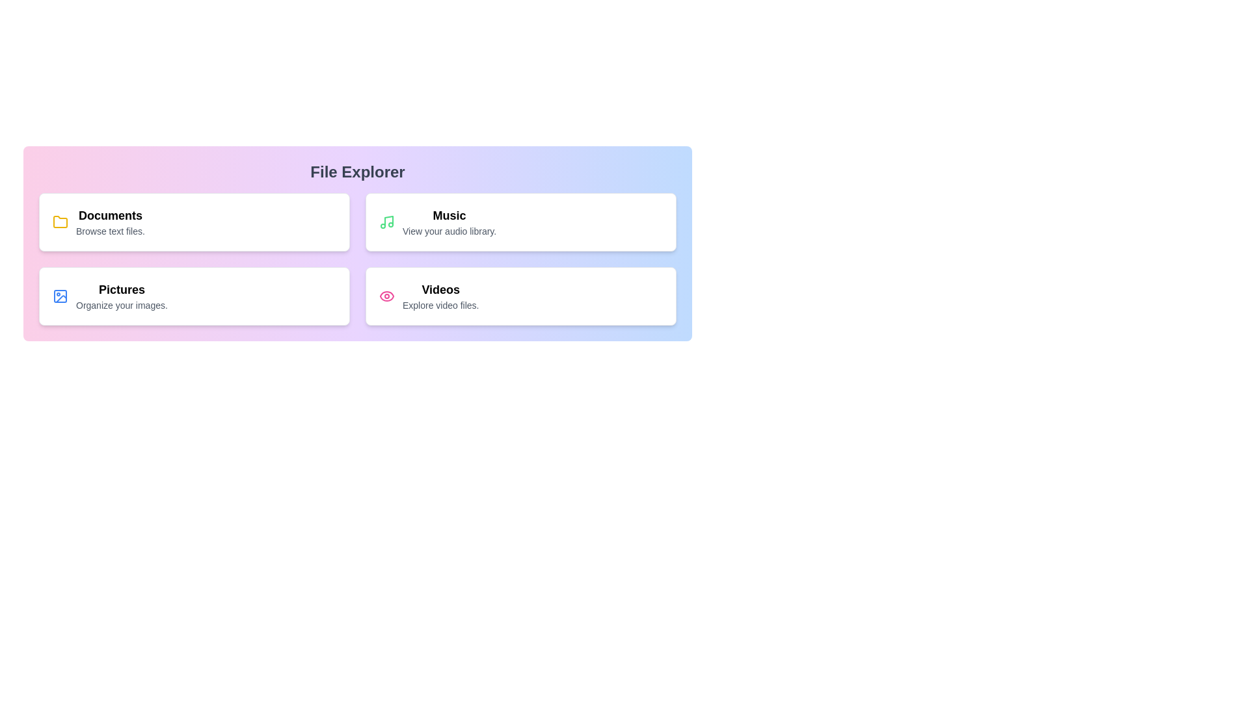 The image size is (1249, 702). What do you see at coordinates (59, 296) in the screenshot?
I see `the icon representing Pictures for better visibility` at bounding box center [59, 296].